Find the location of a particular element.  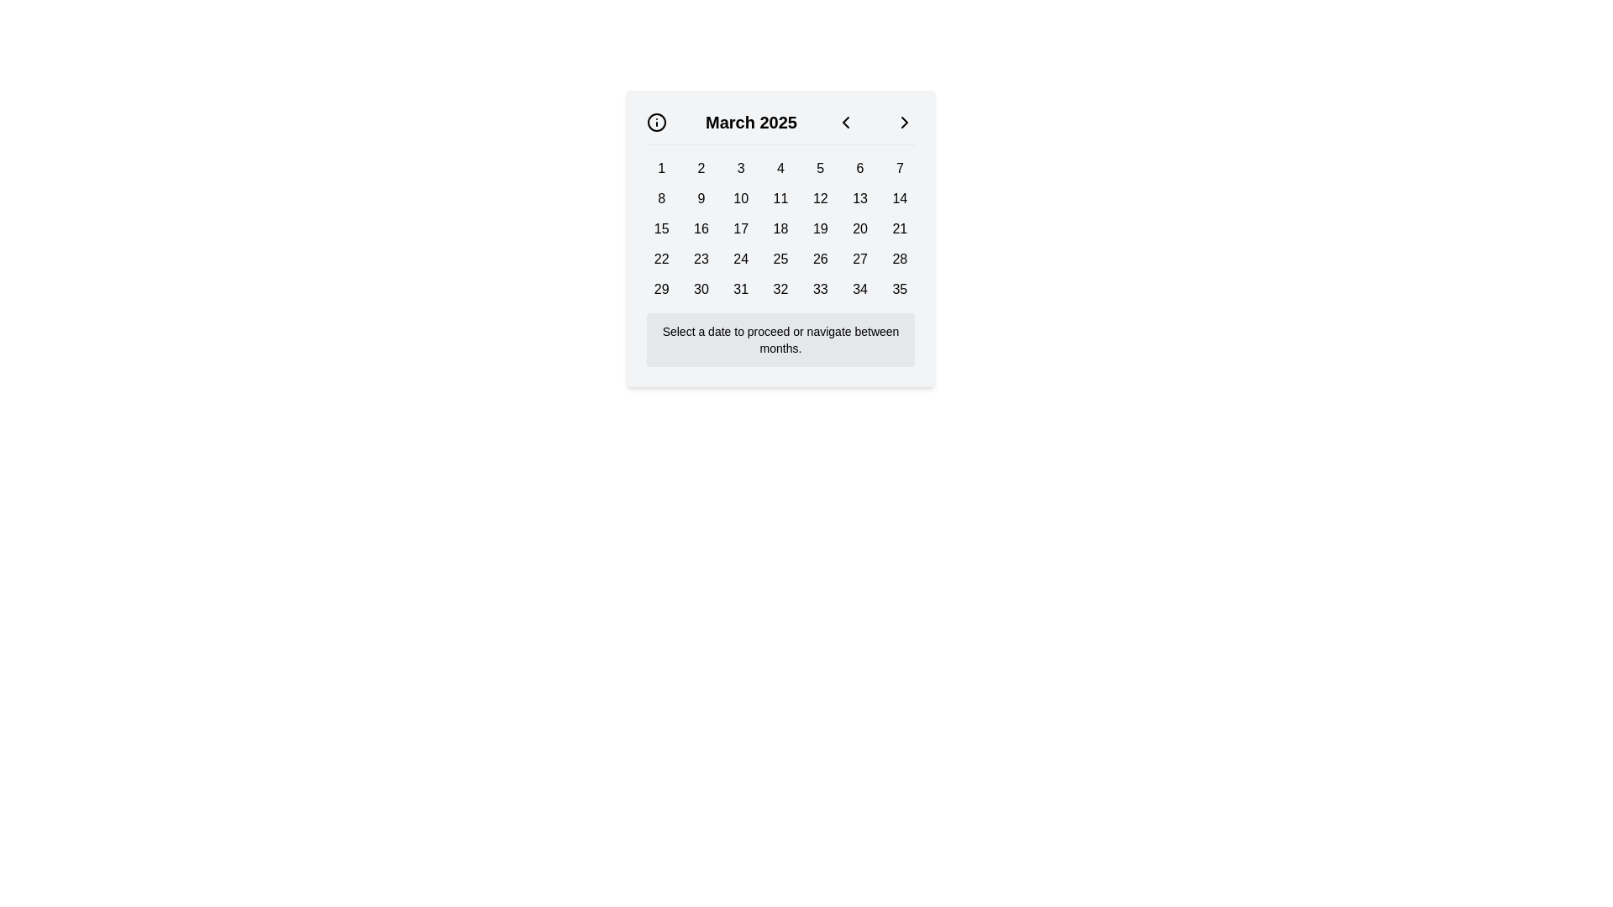

the button is located at coordinates (660, 288).